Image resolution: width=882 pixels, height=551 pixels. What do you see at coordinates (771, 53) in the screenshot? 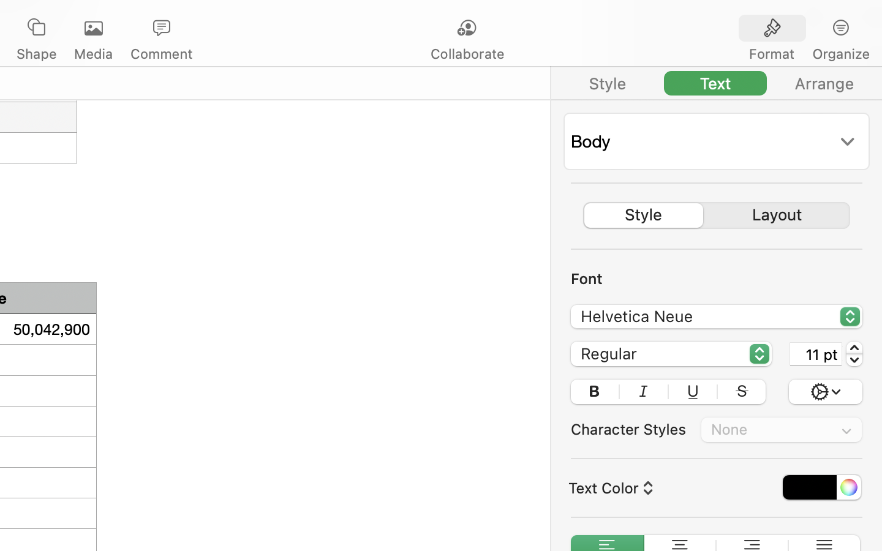
I see `'Format'` at bounding box center [771, 53].